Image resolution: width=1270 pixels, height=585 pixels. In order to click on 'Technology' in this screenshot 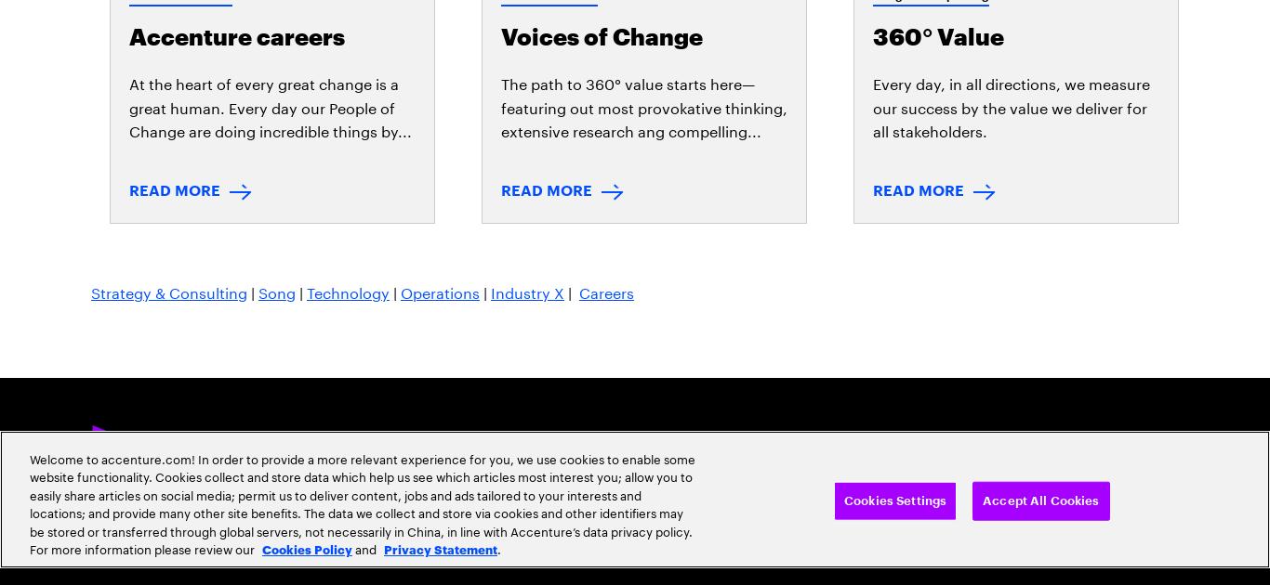, I will do `click(347, 66)`.